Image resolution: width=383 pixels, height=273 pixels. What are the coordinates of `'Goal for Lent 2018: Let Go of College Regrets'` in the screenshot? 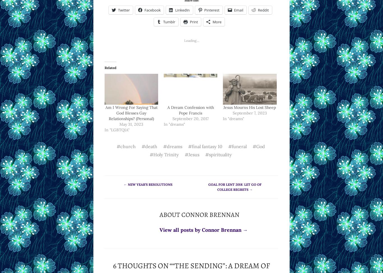 It's located at (235, 187).